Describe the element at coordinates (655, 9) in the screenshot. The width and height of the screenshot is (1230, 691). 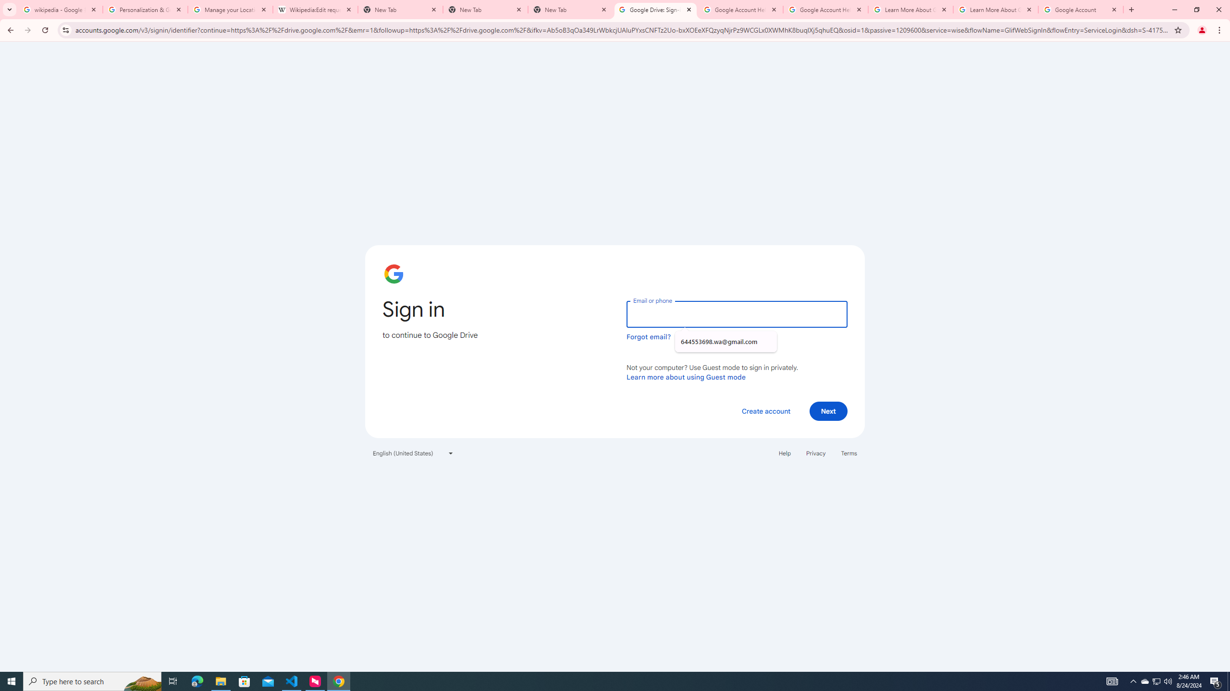
I see `'Google Drive: Sign-in'` at that location.